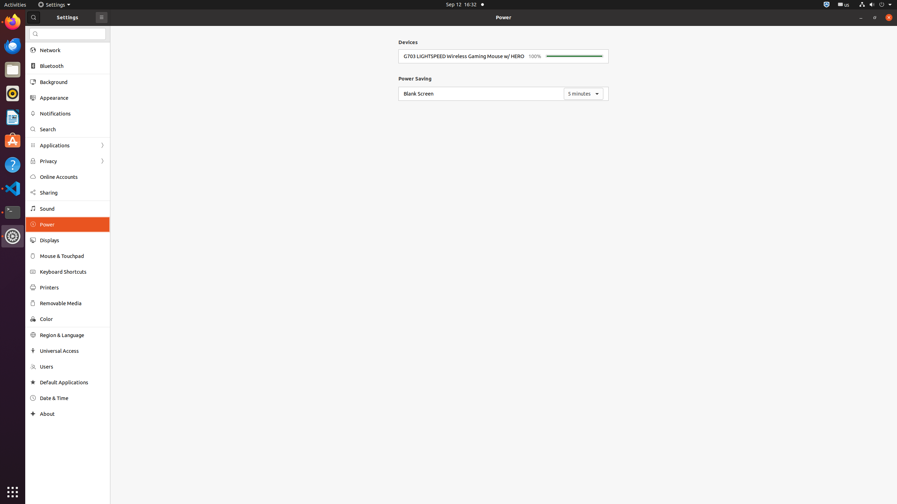 The image size is (897, 504). What do you see at coordinates (534, 56) in the screenshot?
I see `'100%'` at bounding box center [534, 56].